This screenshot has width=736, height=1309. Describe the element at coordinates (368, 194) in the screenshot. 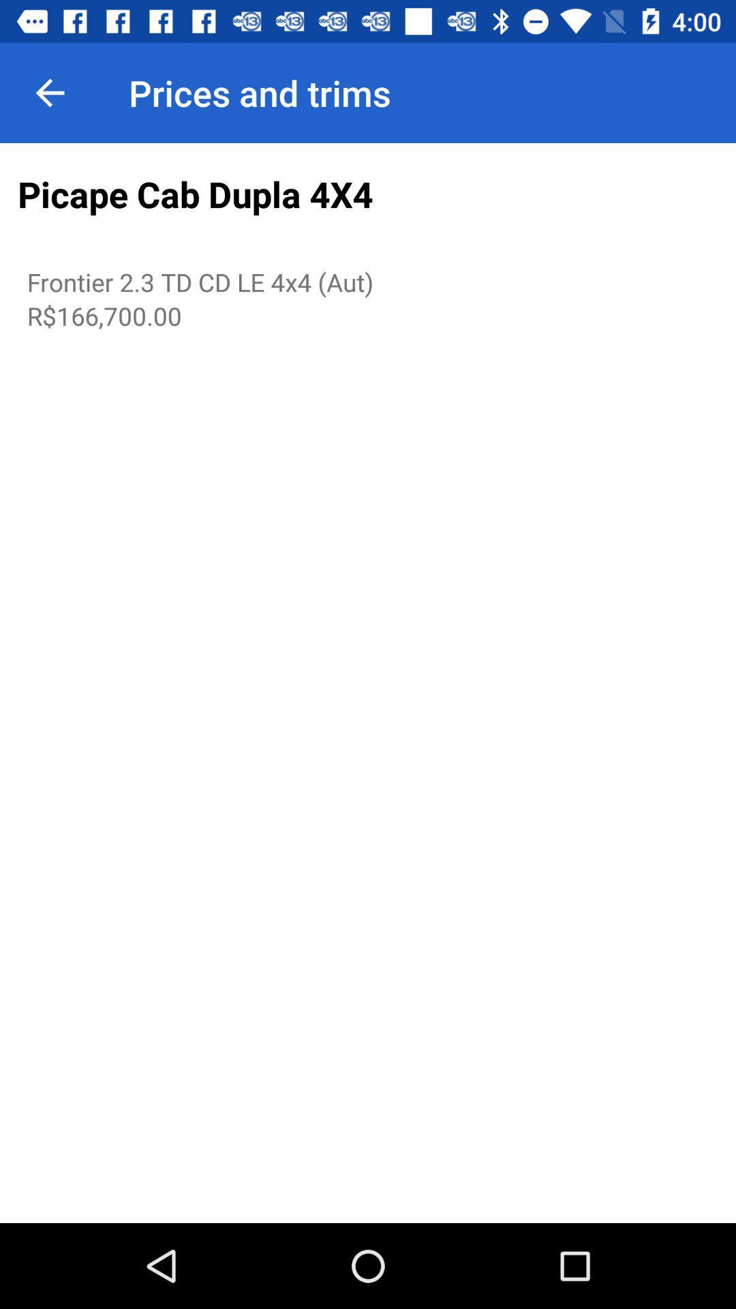

I see `the picape cab dupla` at that location.